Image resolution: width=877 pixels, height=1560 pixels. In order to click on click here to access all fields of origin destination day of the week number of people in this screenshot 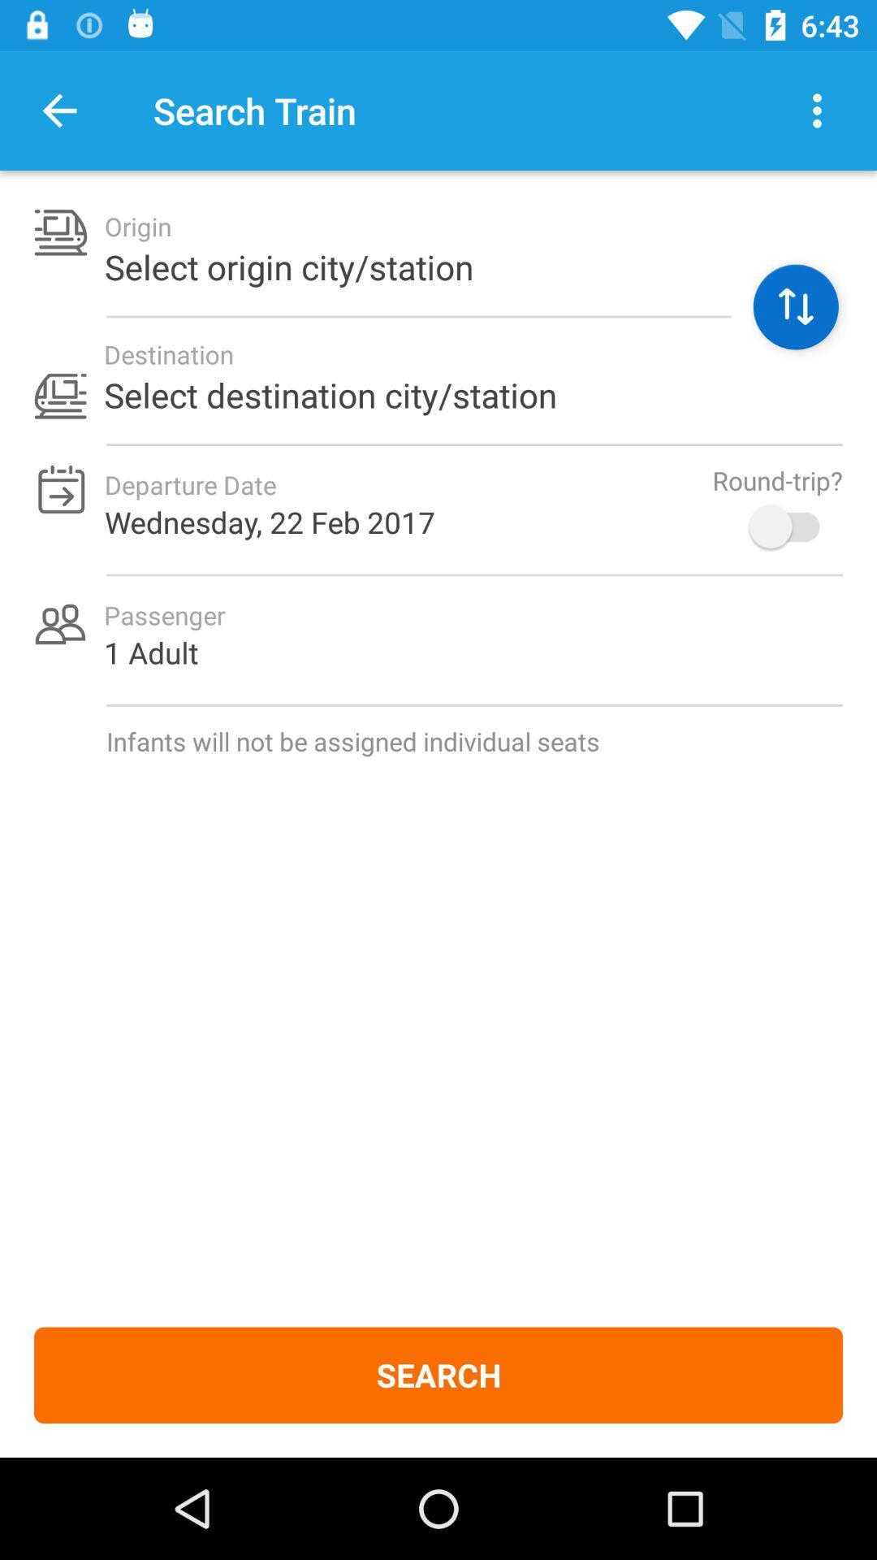, I will do `click(795, 307)`.